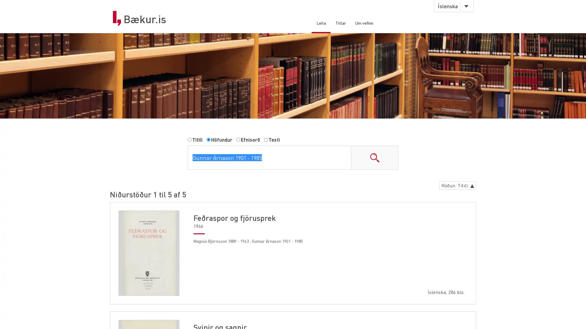 This screenshot has height=329, width=586. What do you see at coordinates (374, 158) in the screenshot?
I see `search` at bounding box center [374, 158].